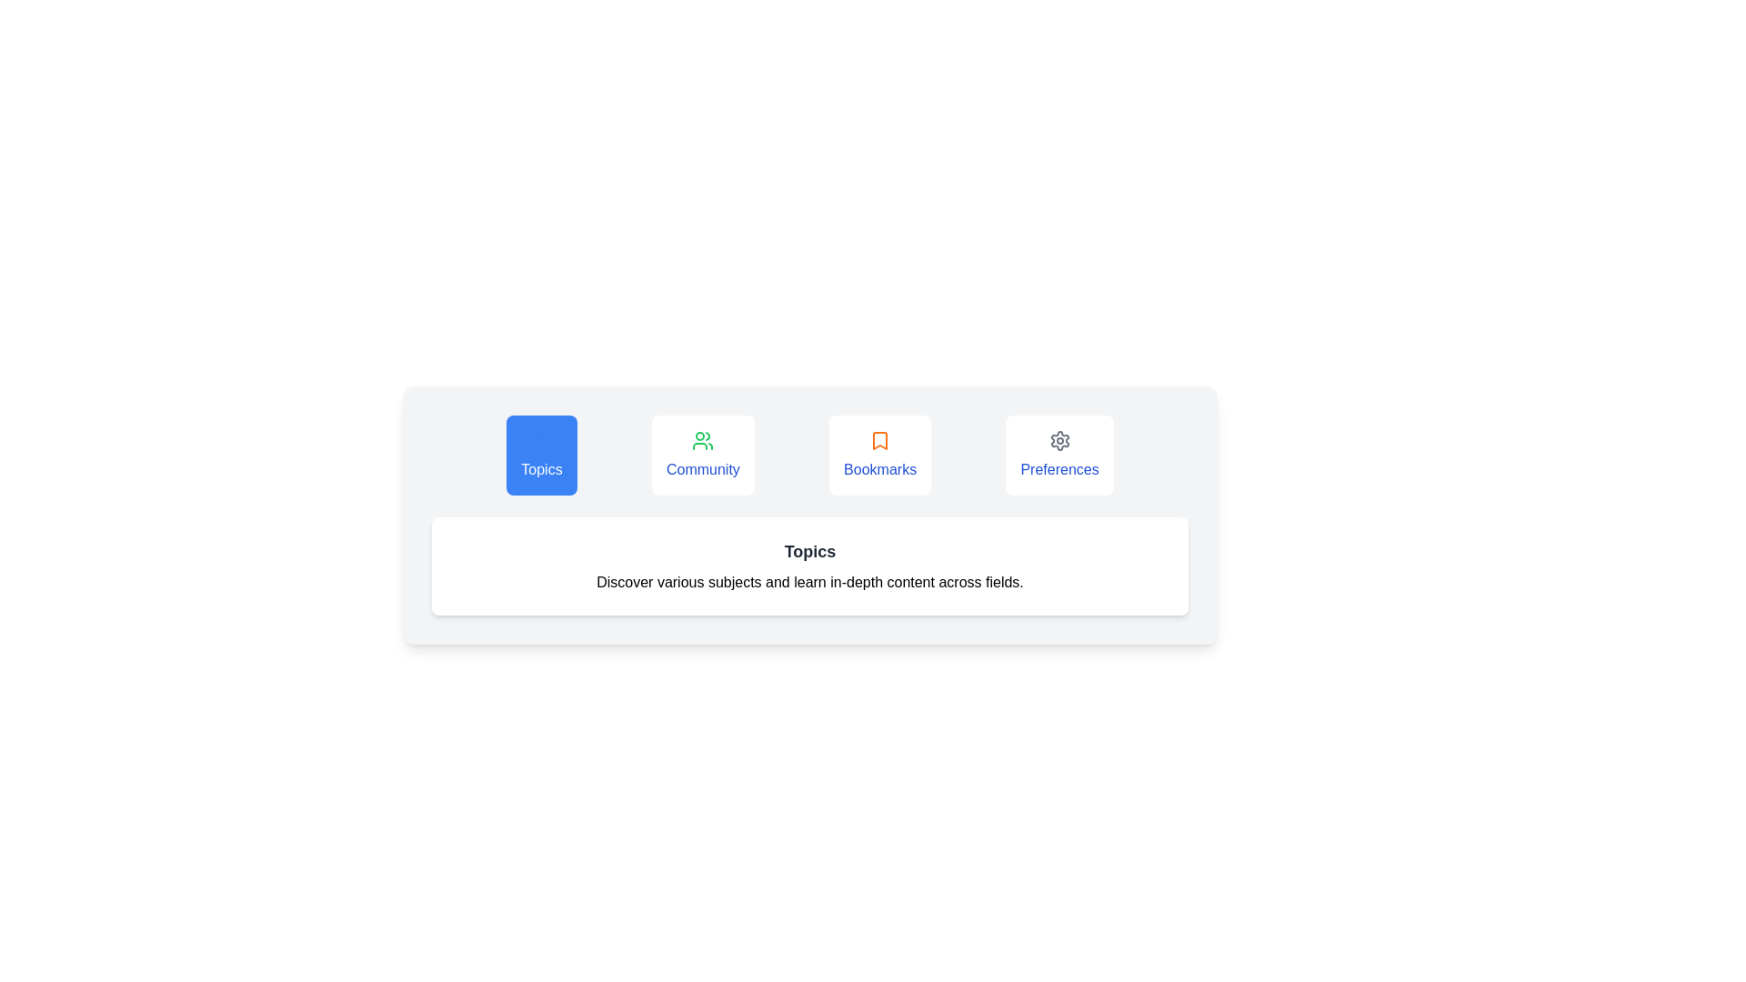 The height and width of the screenshot is (982, 1746). I want to click on the Community tab button to see its hover effect, so click(702, 455).